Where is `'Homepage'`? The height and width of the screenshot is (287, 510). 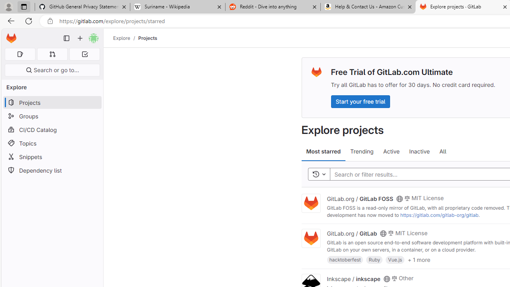
'Homepage' is located at coordinates (11, 38).